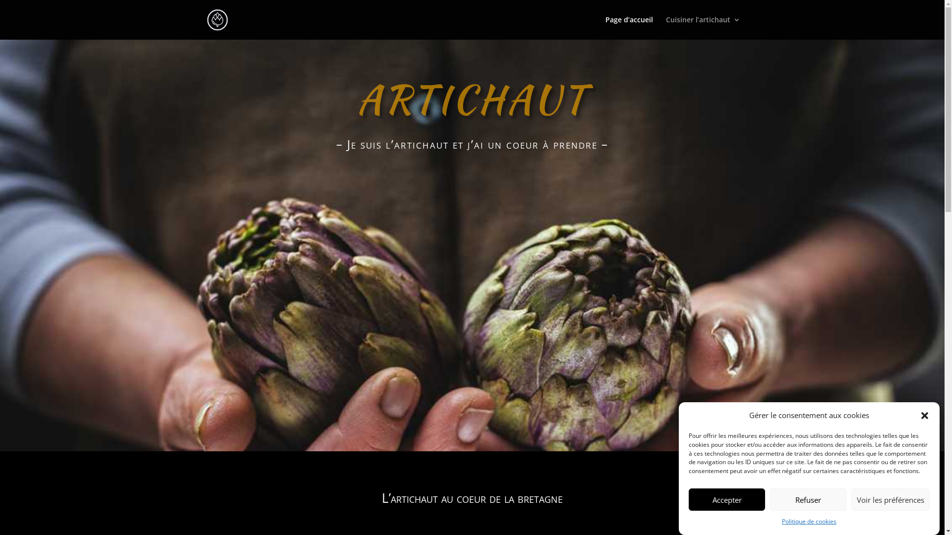 This screenshot has width=952, height=535. Describe the element at coordinates (808, 499) in the screenshot. I see `'Refuser'` at that location.